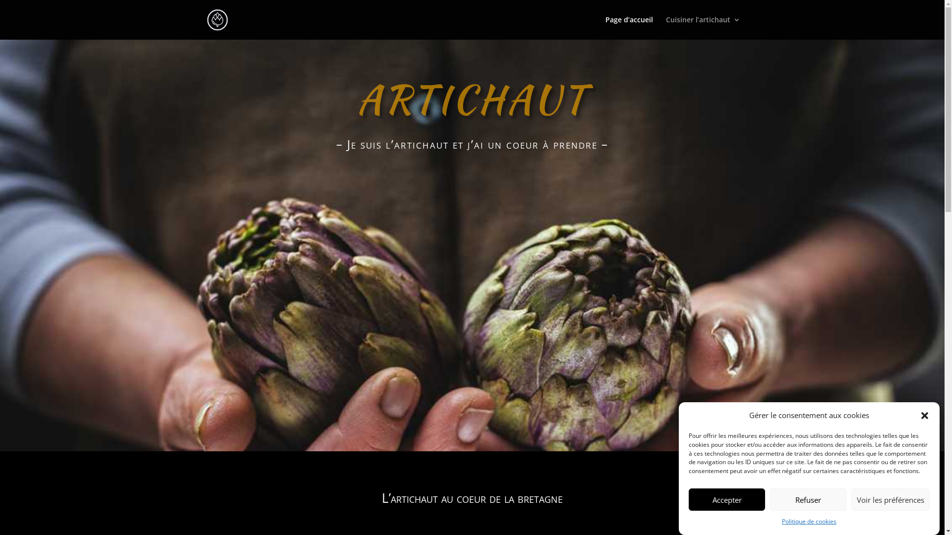 This screenshot has width=952, height=535. Describe the element at coordinates (808, 499) in the screenshot. I see `'Refuser'` at that location.